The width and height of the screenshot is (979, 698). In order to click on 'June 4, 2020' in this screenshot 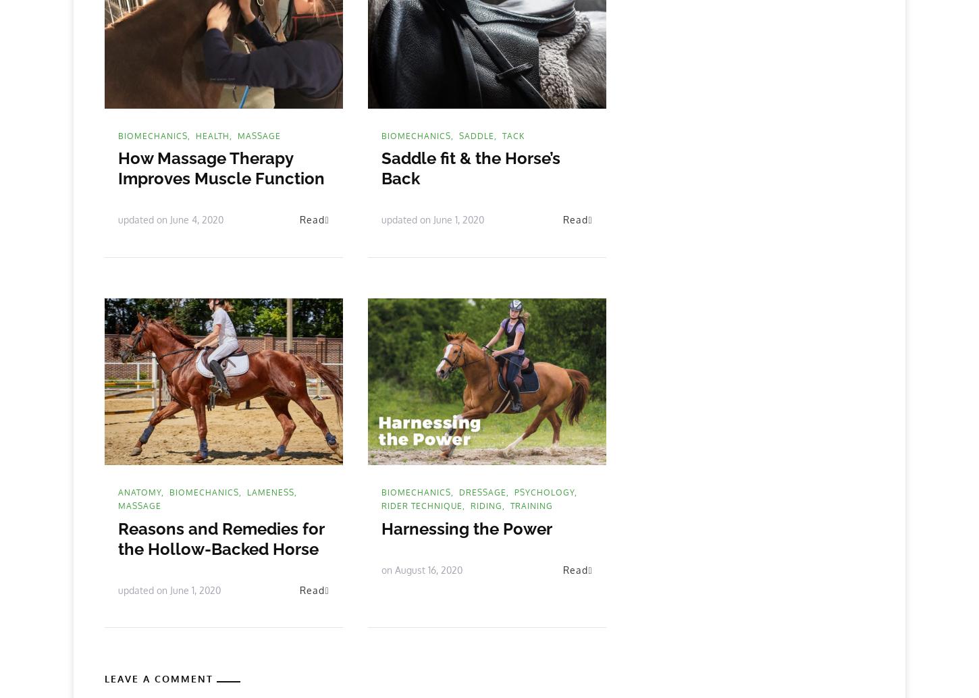, I will do `click(170, 218)`.